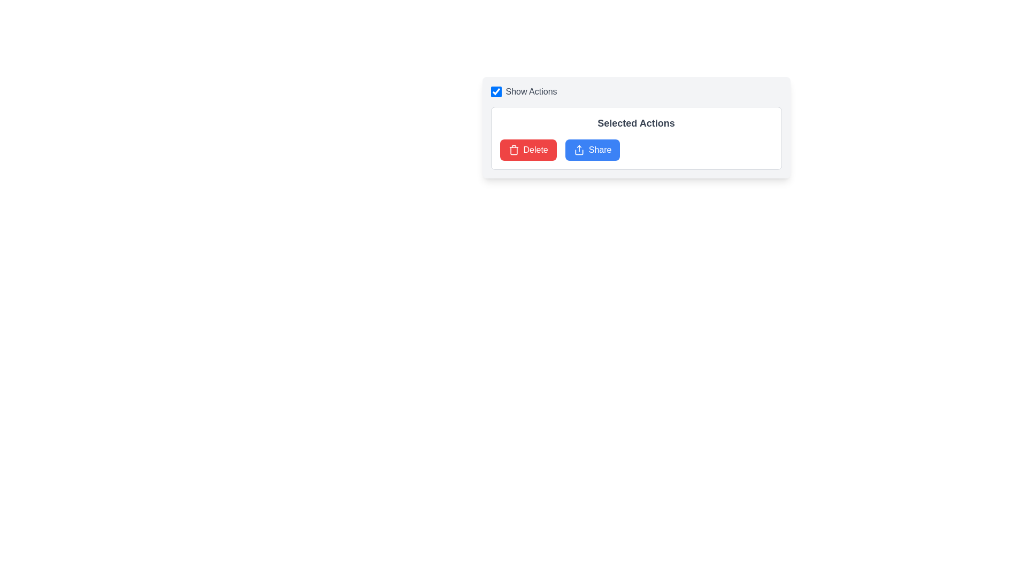 This screenshot has height=577, width=1027. Describe the element at coordinates (578, 150) in the screenshot. I see `the SVG share icon located within the blue button labeled 'Share', positioned to the left of the text 'Share'` at that location.